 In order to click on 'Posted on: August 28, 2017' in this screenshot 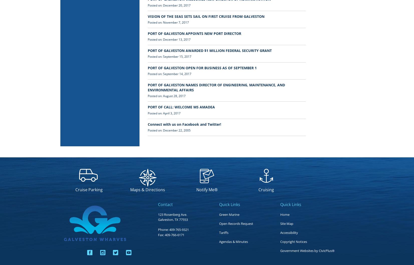, I will do `click(166, 96)`.